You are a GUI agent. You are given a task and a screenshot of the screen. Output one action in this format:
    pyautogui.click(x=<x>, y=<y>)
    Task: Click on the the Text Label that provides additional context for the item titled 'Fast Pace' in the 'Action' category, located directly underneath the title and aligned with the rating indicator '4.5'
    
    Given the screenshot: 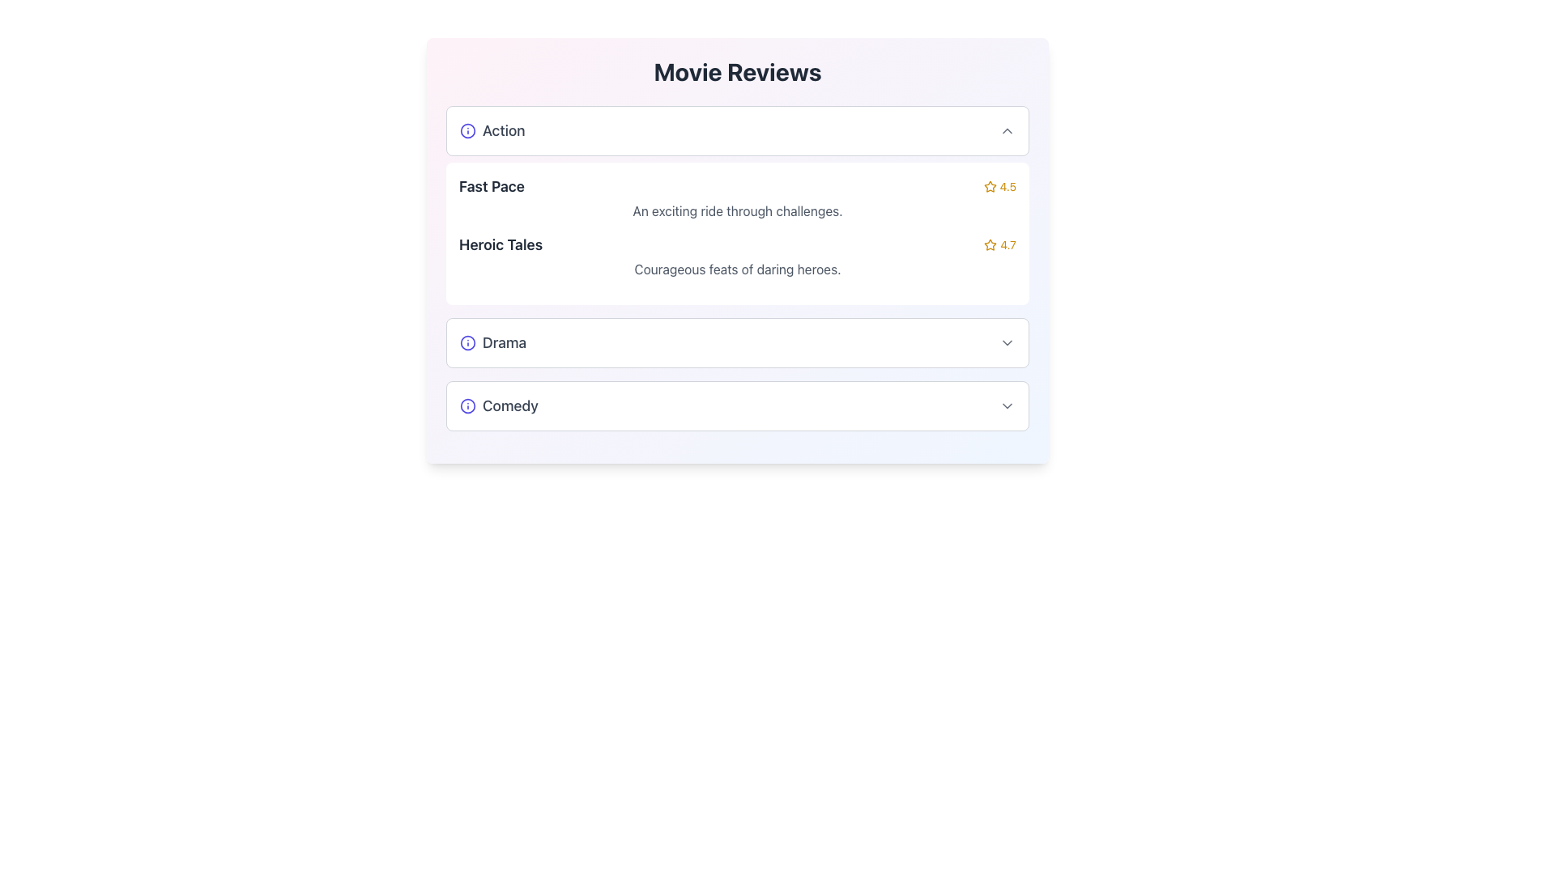 What is the action you would take?
    pyautogui.click(x=737, y=210)
    